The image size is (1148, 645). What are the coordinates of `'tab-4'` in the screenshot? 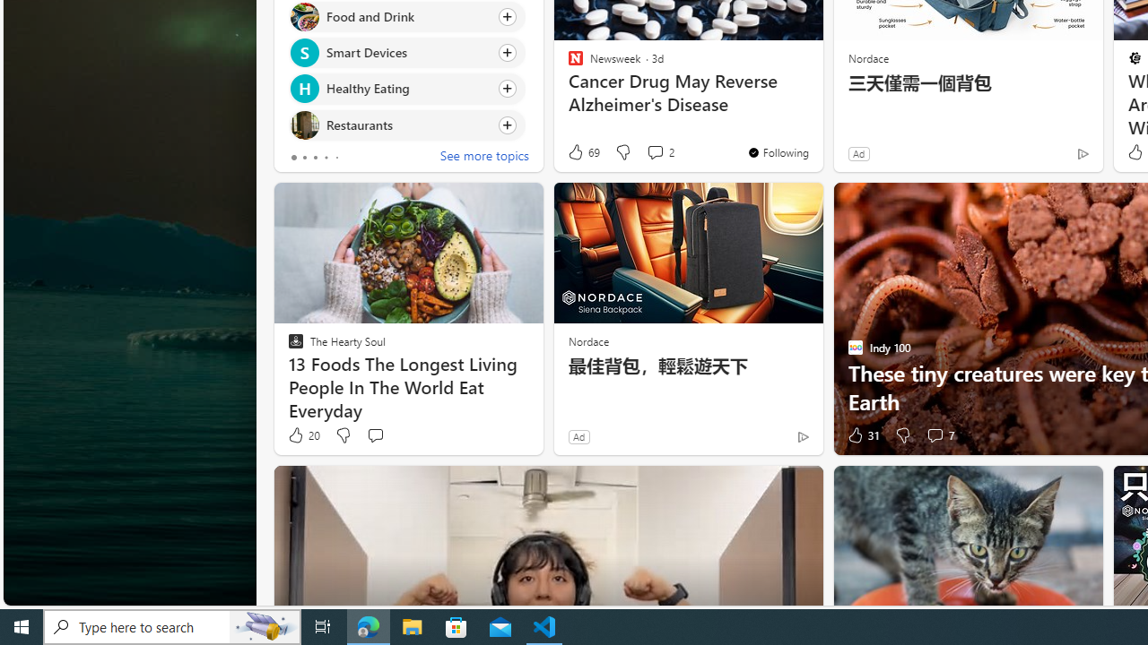 It's located at (336, 157).